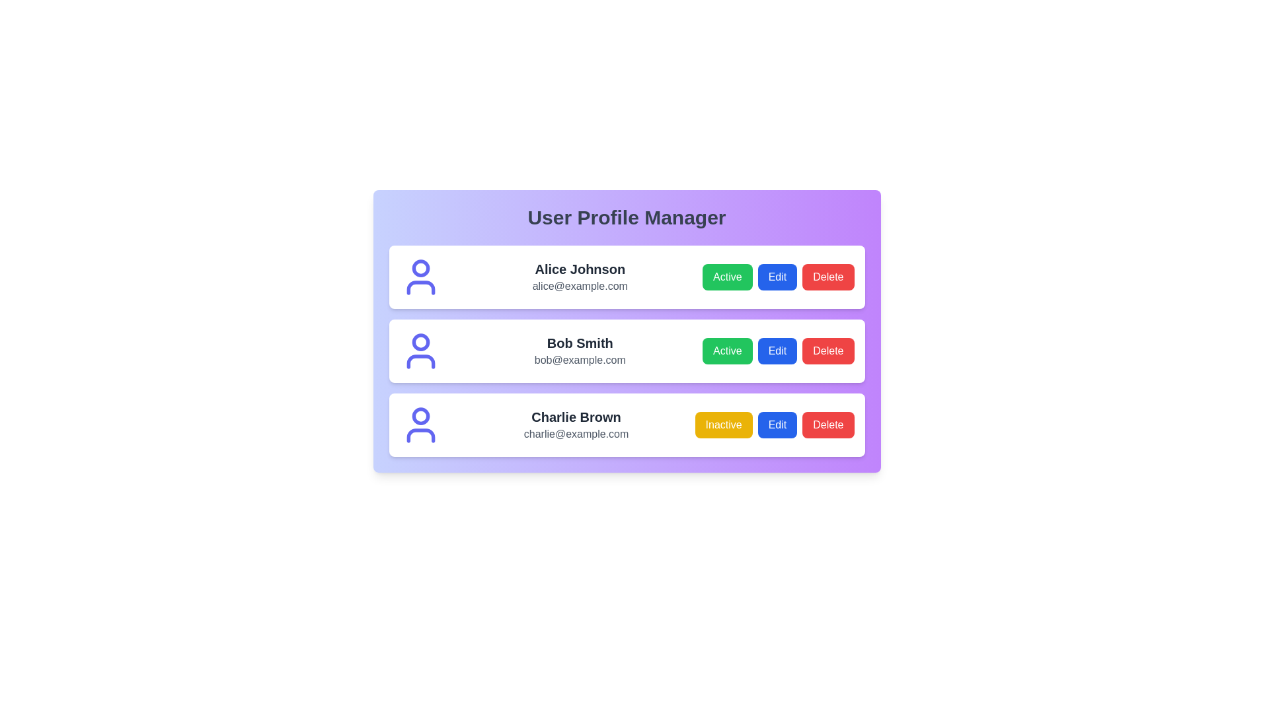 This screenshot has height=713, width=1269. What do you see at coordinates (420, 351) in the screenshot?
I see `the profile icon for Bob Smith` at bounding box center [420, 351].